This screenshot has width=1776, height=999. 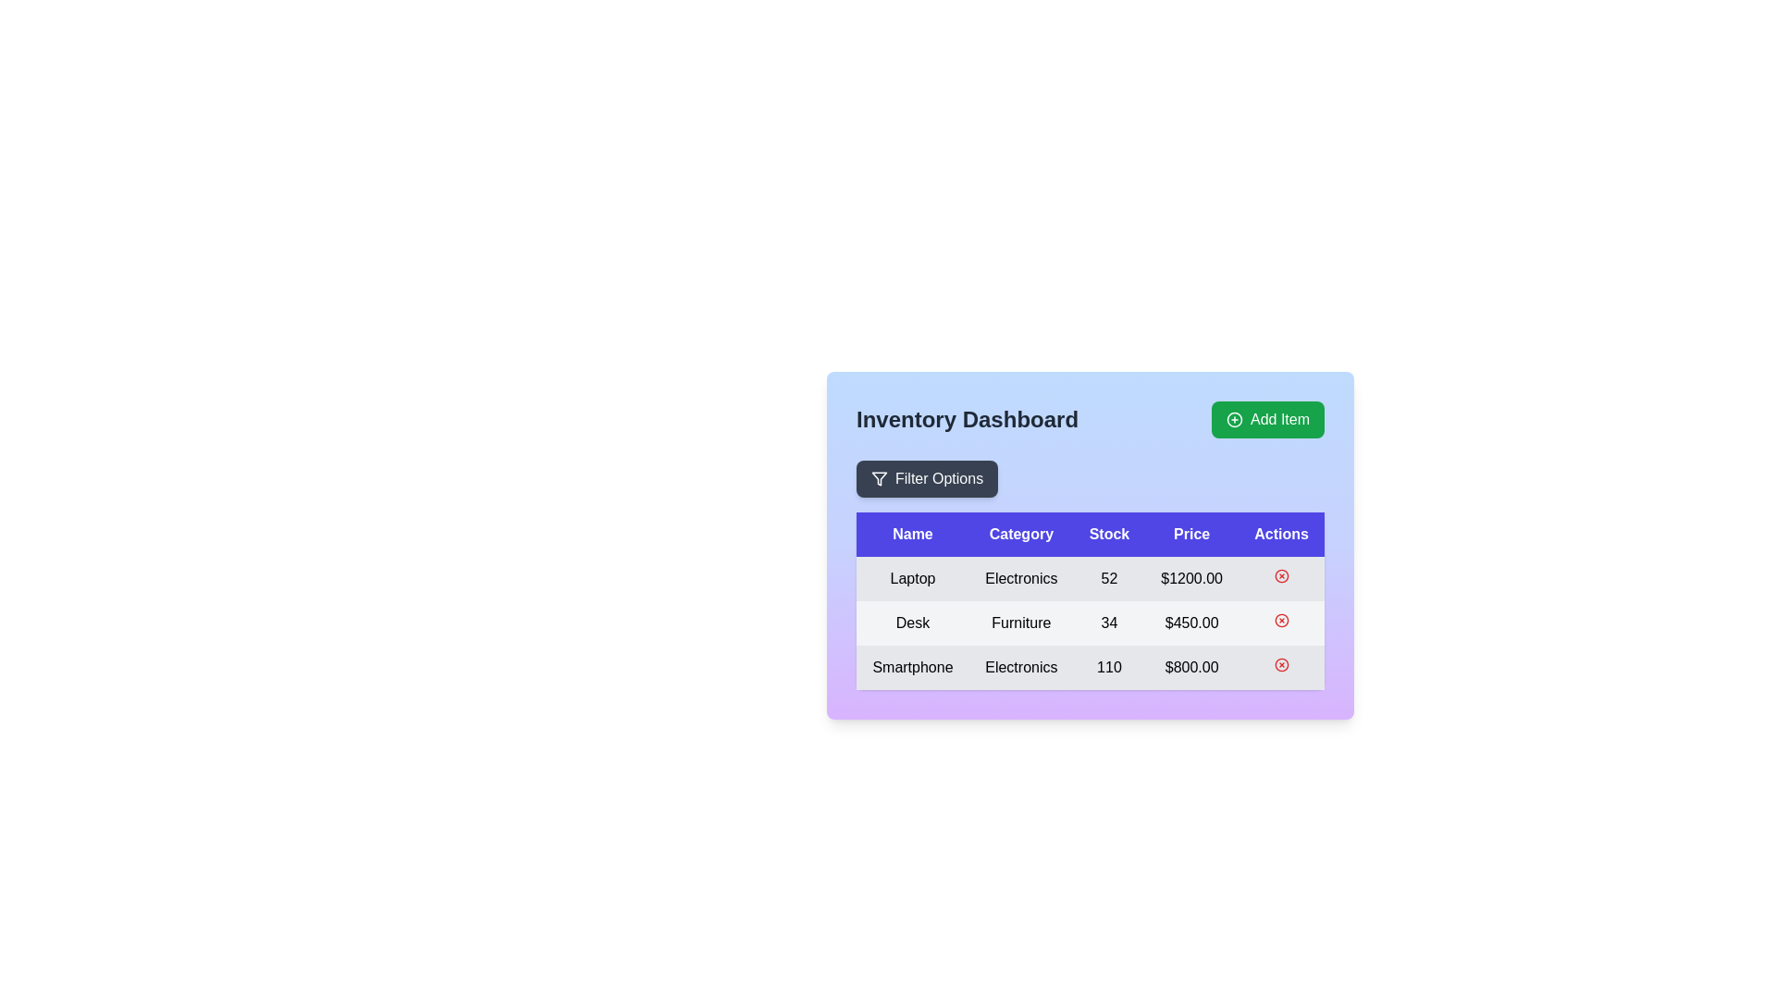 I want to click on the 'Filter Options' button that contains the filter funnel icon, which is a small SVG graphic with a triangular top and narrow neck, located at the specified coordinates, so click(x=878, y=477).